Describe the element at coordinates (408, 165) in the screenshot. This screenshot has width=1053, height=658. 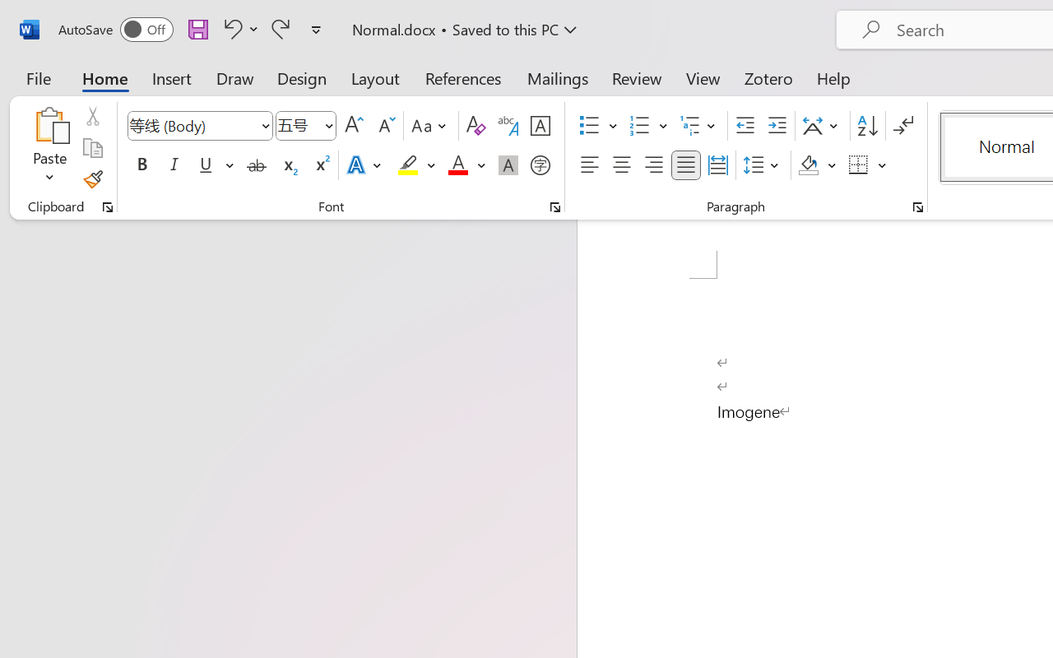
I see `'Text Highlight Color Yellow'` at that location.